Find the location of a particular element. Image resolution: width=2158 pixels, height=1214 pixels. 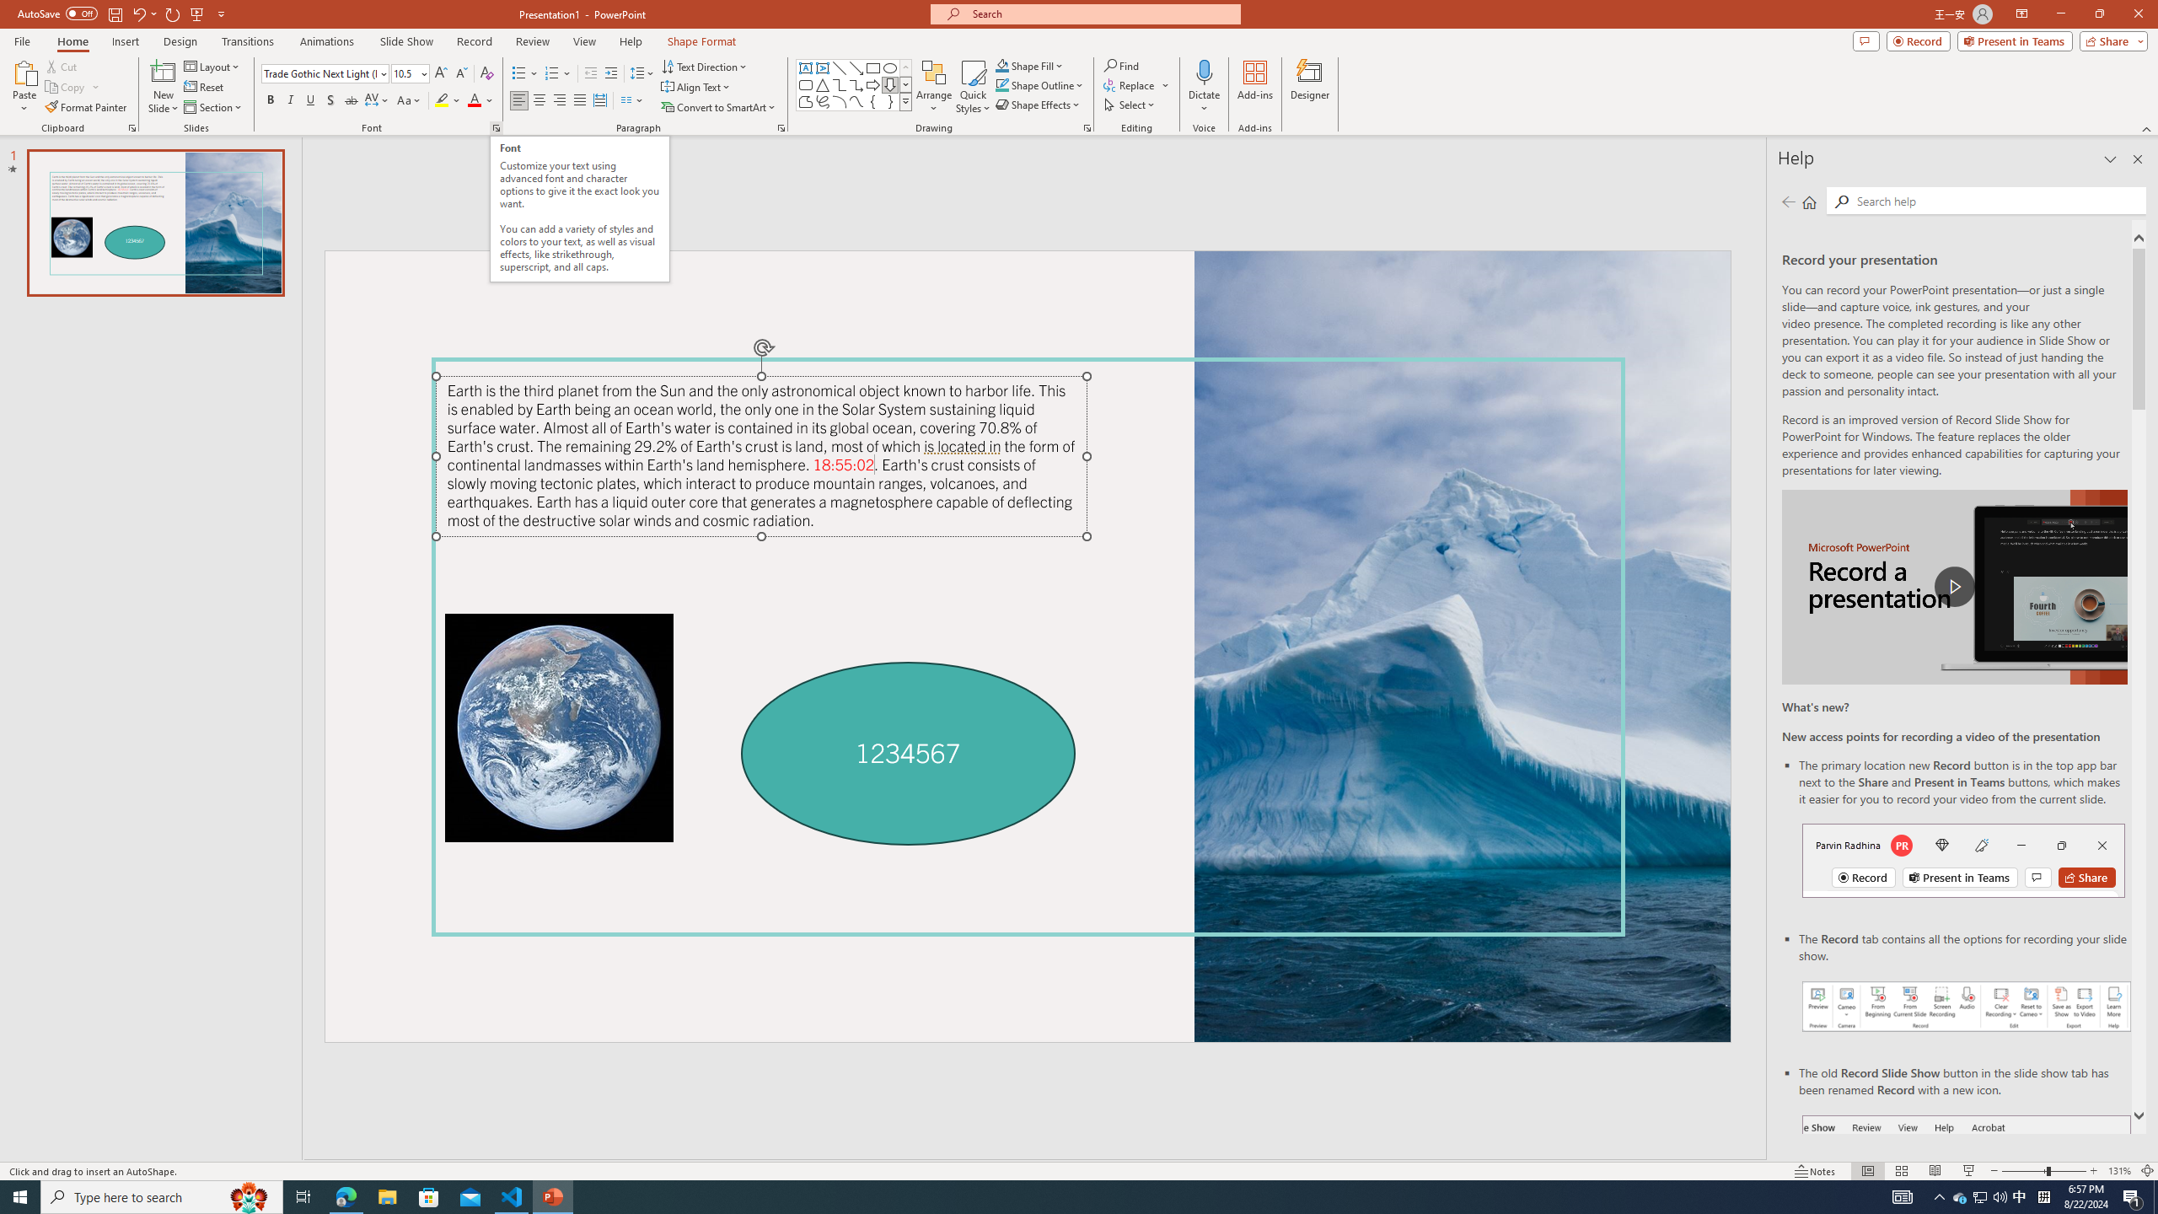

'Freeform: Shape' is located at coordinates (805, 100).